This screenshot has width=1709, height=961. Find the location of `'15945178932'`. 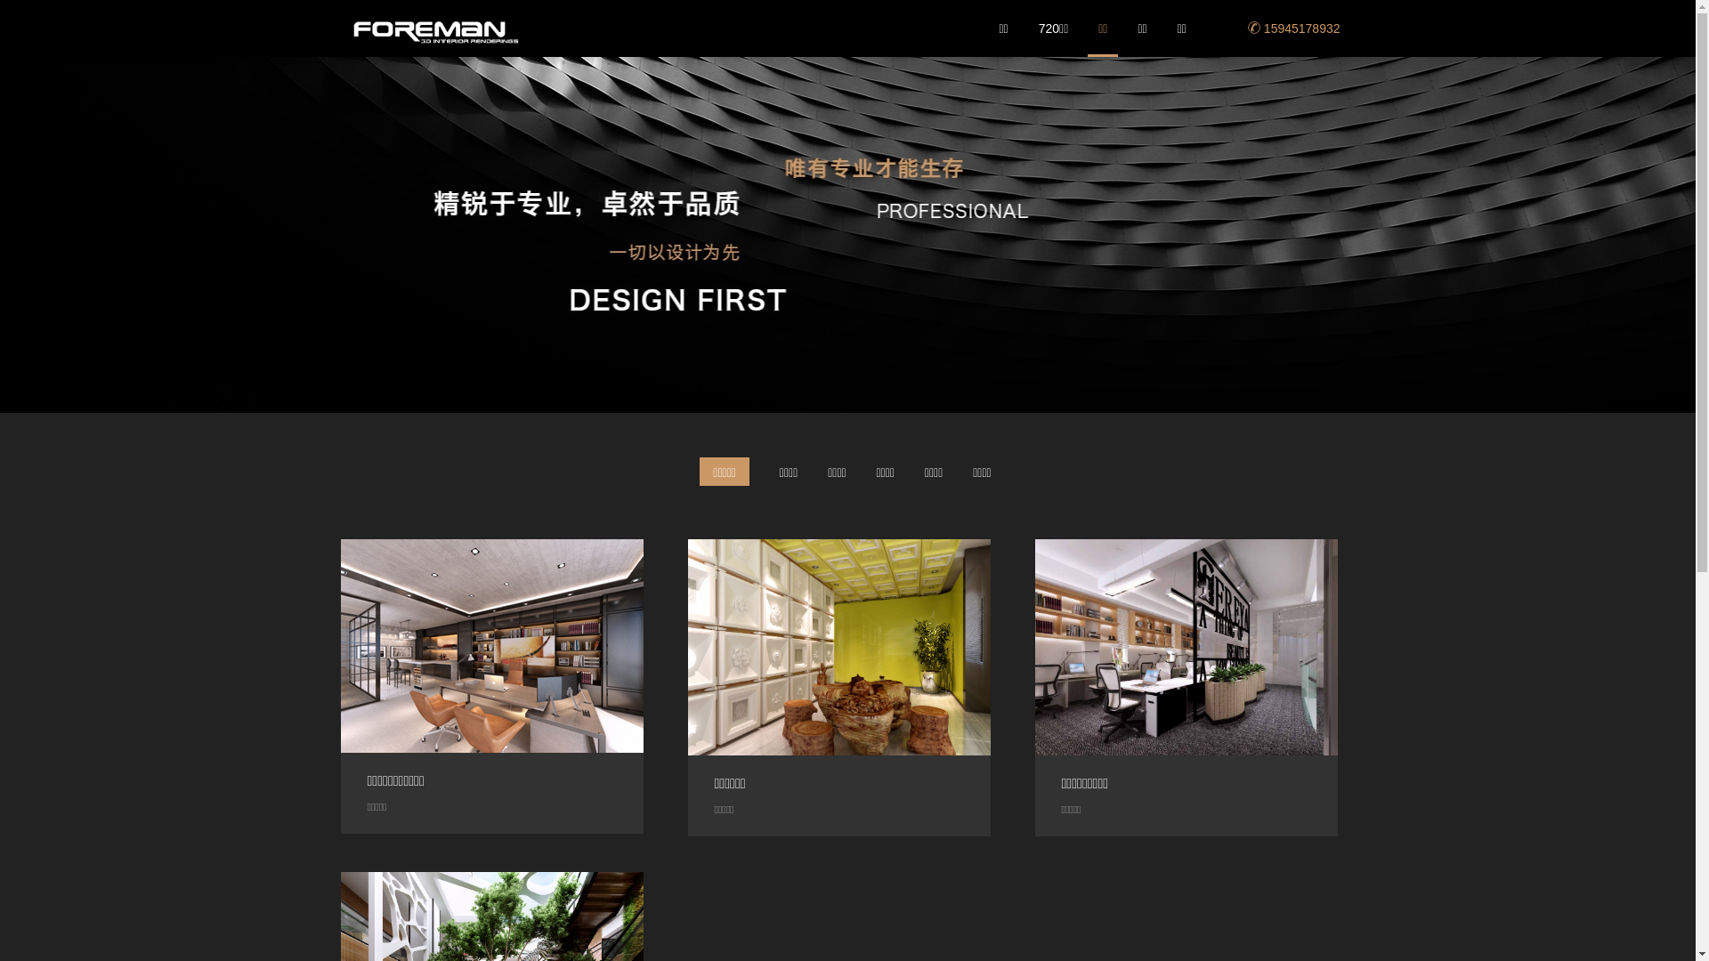

'15945178932' is located at coordinates (1294, 28).